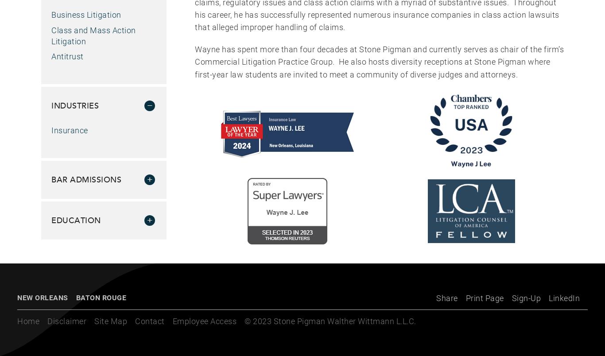 The image size is (605, 356). What do you see at coordinates (564, 298) in the screenshot?
I see `'LinkedIn'` at bounding box center [564, 298].